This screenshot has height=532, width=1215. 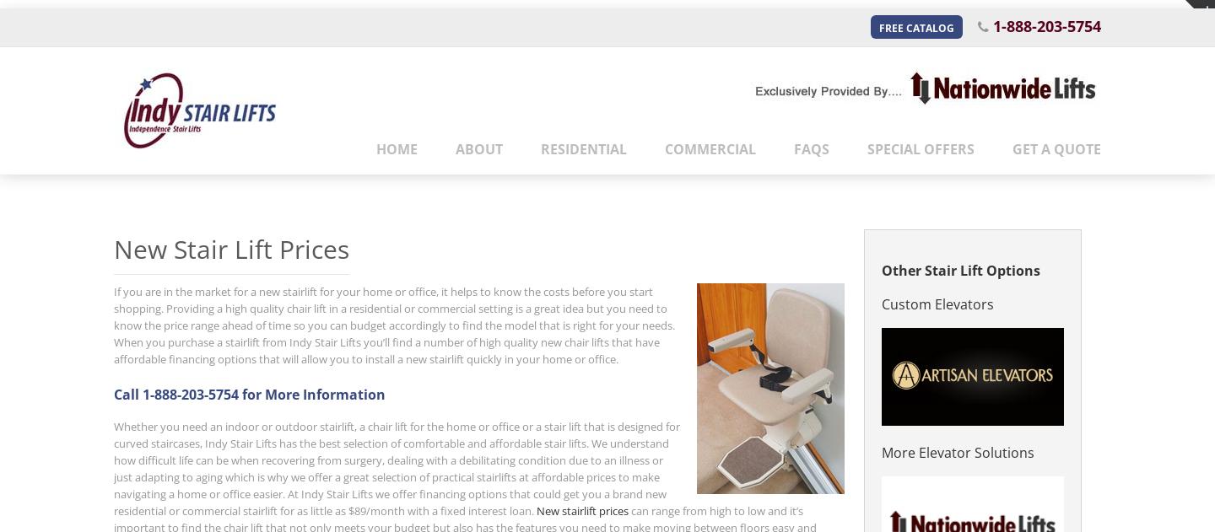 I want to click on 'Home', so click(x=397, y=148).